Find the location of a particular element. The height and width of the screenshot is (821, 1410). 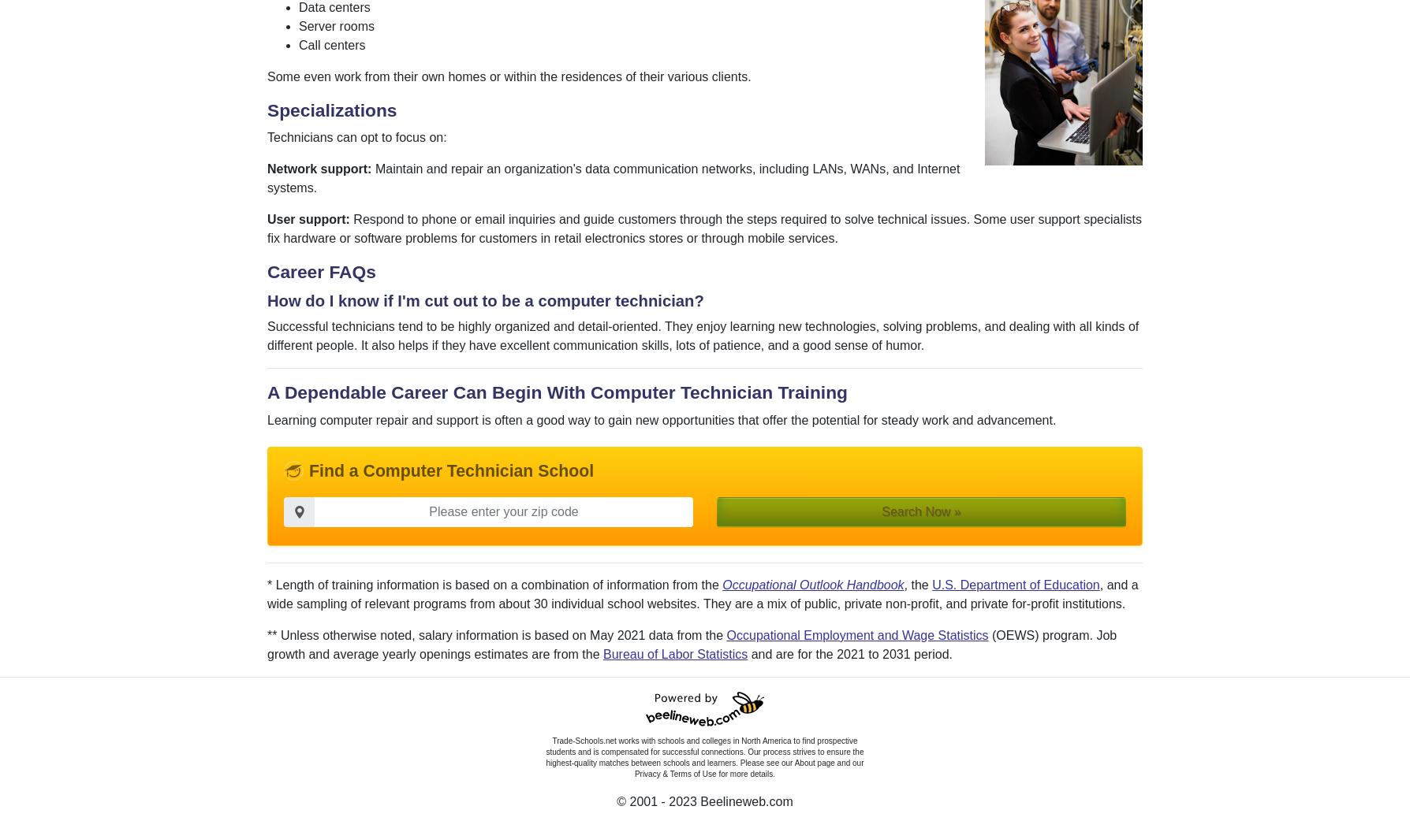

'Data centers' is located at coordinates (333, 6).